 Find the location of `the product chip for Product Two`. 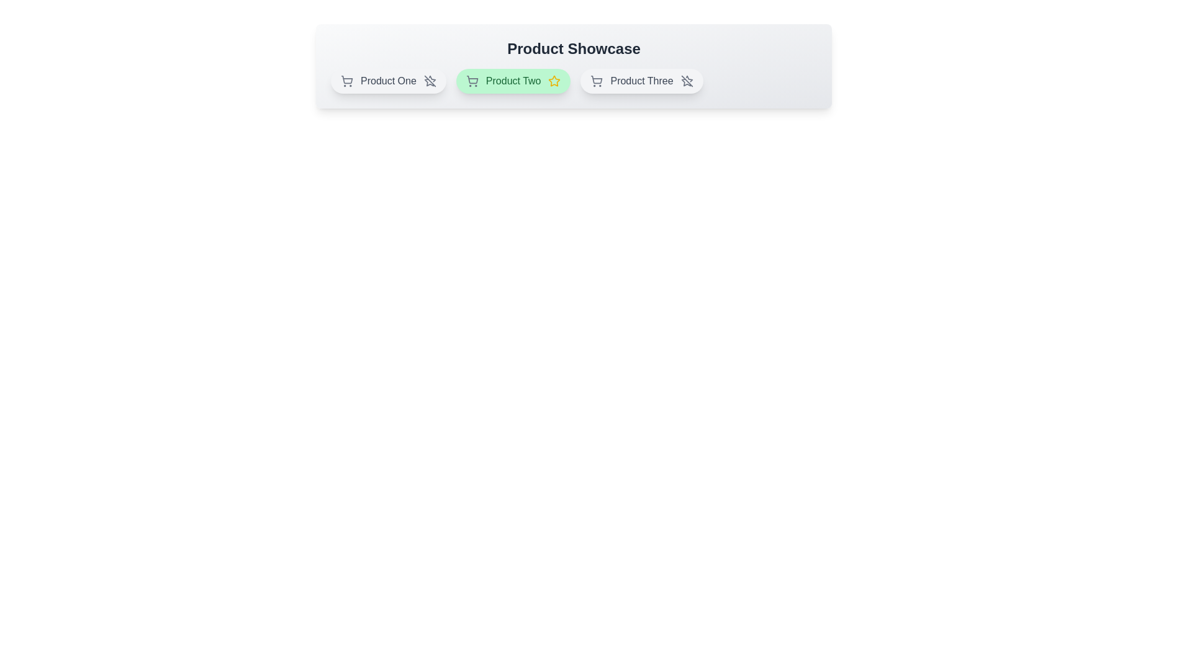

the product chip for Product Two is located at coordinates (513, 81).